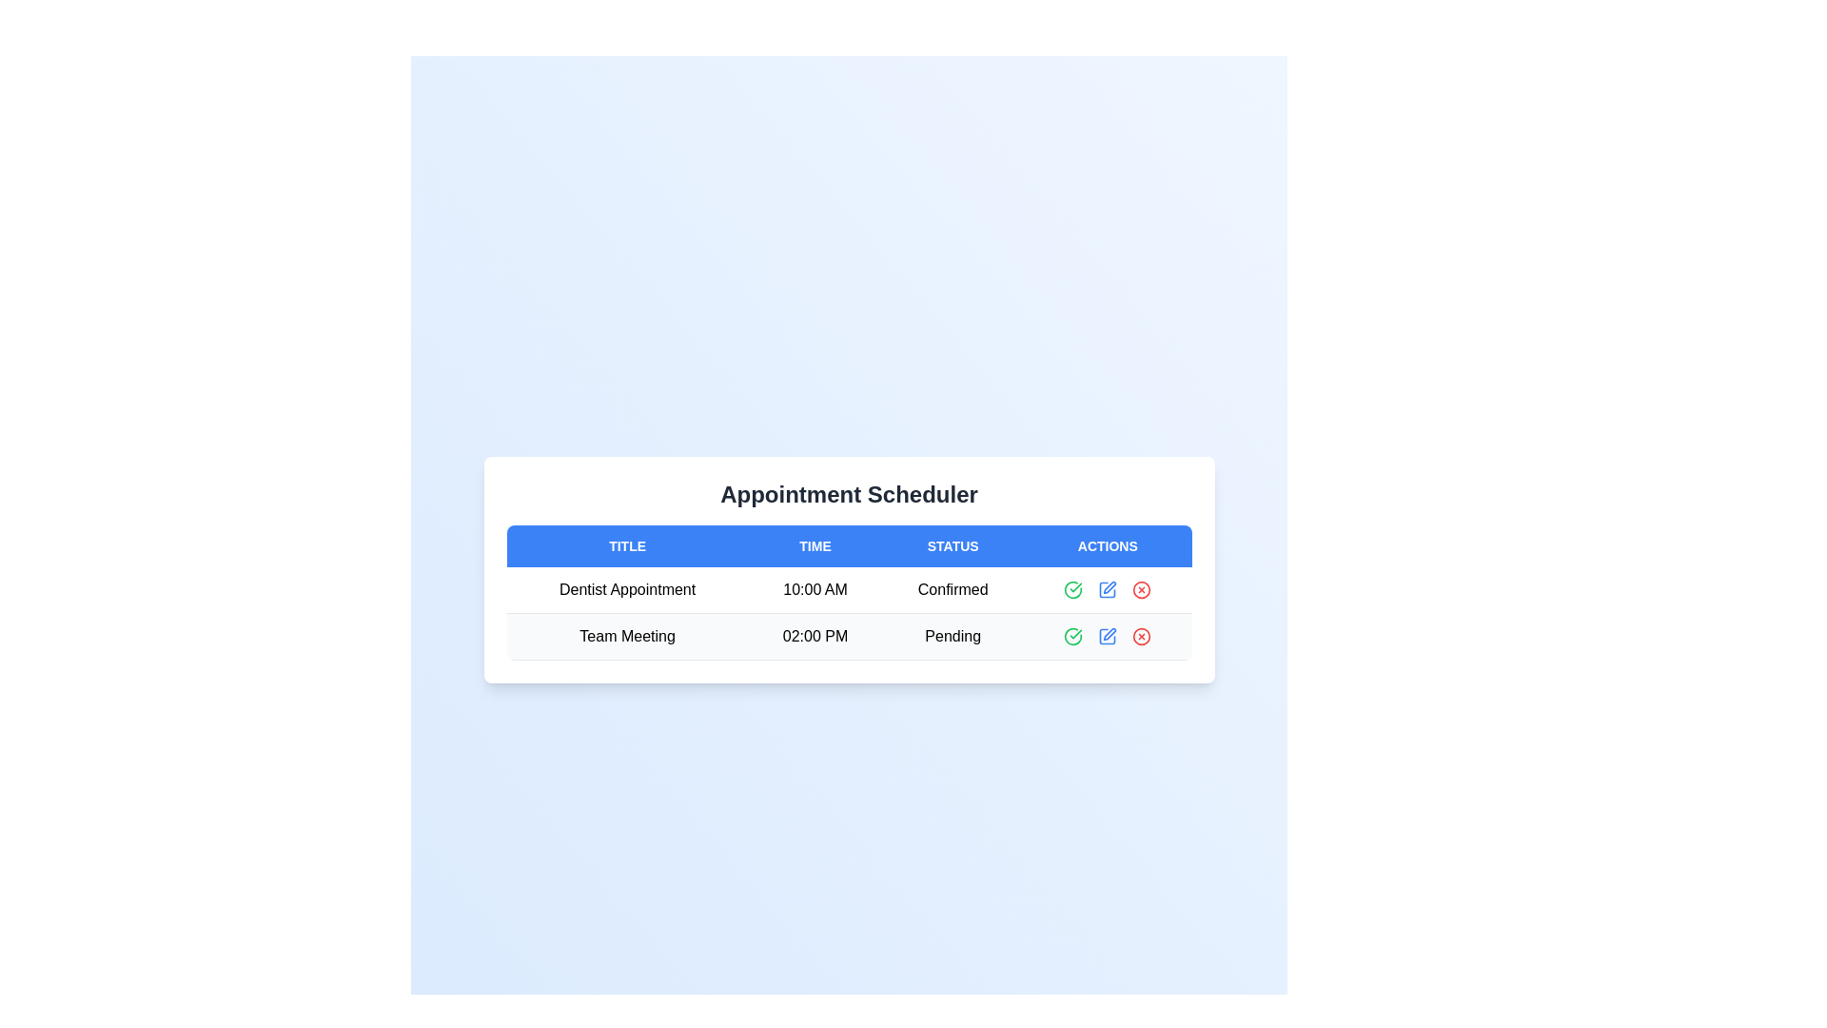  I want to click on the 'Team Meeting' text label located in the second row under the 'TITLE' column of the table, so click(627, 636).